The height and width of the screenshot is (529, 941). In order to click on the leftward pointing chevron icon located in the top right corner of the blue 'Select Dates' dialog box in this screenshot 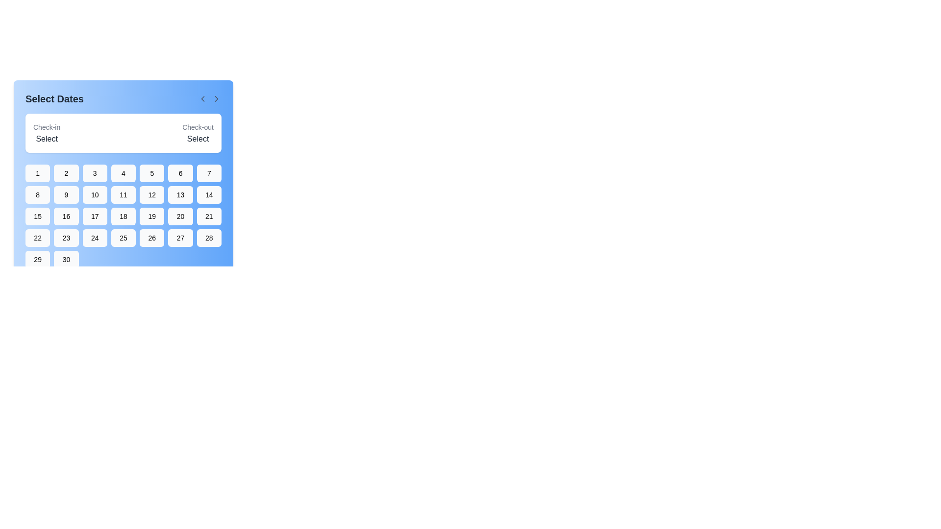, I will do `click(202, 98)`.